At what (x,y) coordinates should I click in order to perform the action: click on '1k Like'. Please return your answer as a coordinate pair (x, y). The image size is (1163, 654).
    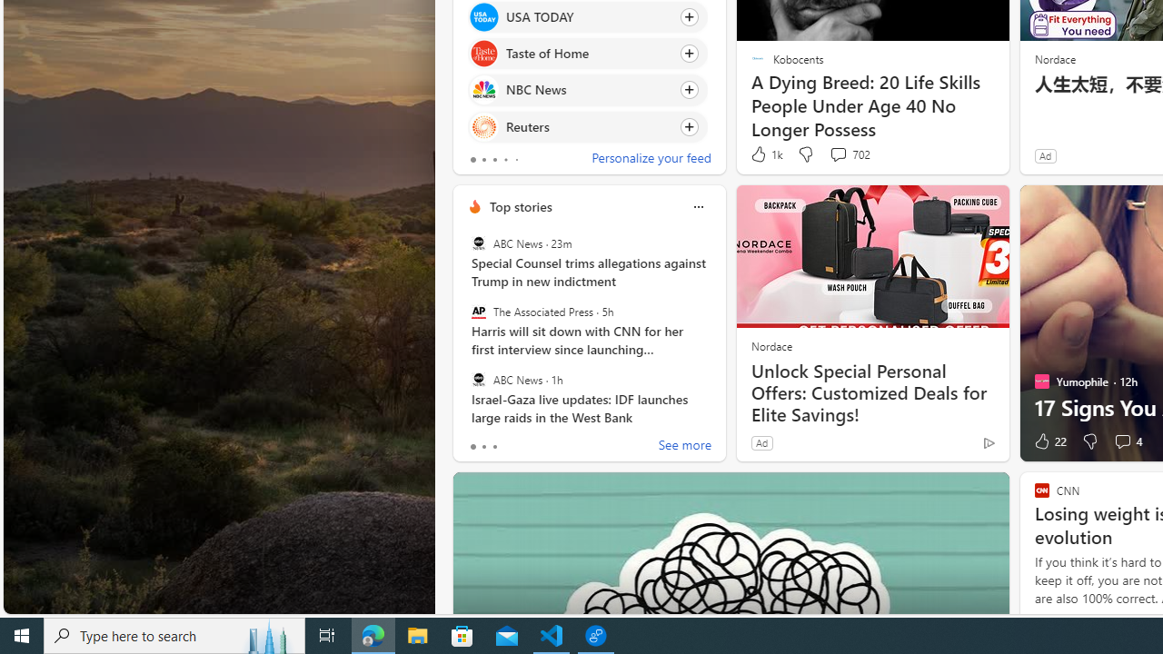
    Looking at the image, I should click on (765, 154).